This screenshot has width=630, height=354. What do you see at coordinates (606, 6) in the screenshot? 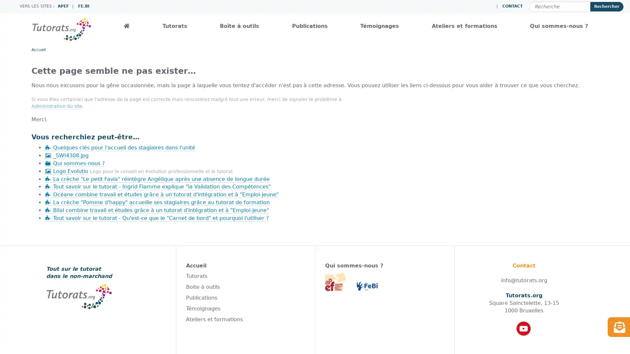
I see `Rechercher` at bounding box center [606, 6].